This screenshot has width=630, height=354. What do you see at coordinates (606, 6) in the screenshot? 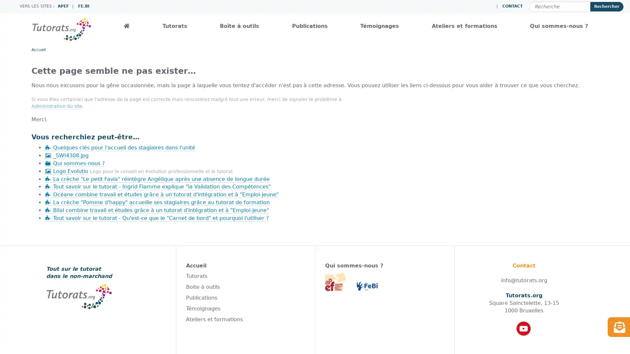
I see `Rechercher` at bounding box center [606, 6].